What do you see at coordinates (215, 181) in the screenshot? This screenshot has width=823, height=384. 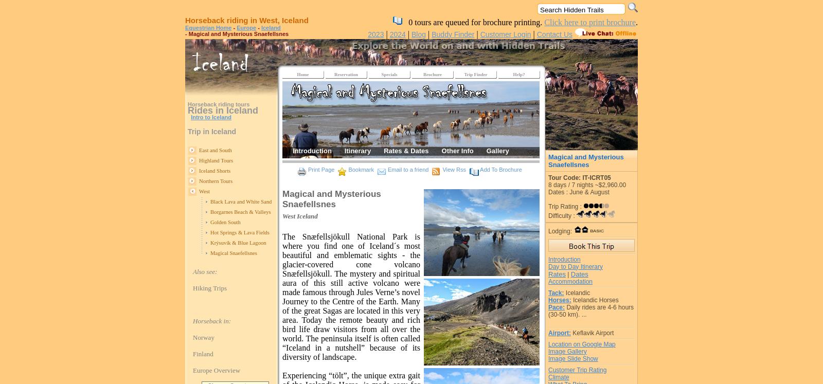 I see `'Northern Tours'` at bounding box center [215, 181].